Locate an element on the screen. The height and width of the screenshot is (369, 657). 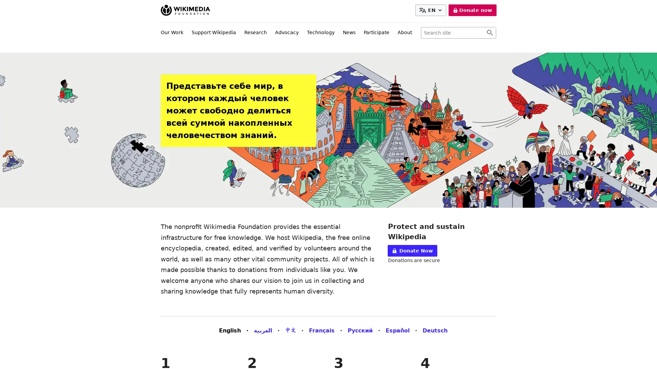
CURRENT LANGUAGE: EN is located at coordinates (430, 10).